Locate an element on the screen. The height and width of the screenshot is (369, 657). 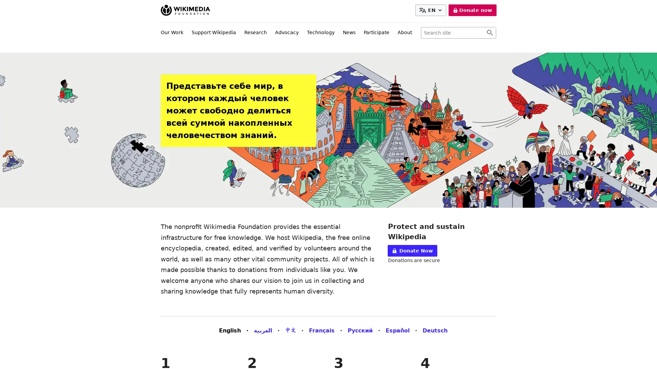
CURRENT LANGUAGE: EN is located at coordinates (430, 10).